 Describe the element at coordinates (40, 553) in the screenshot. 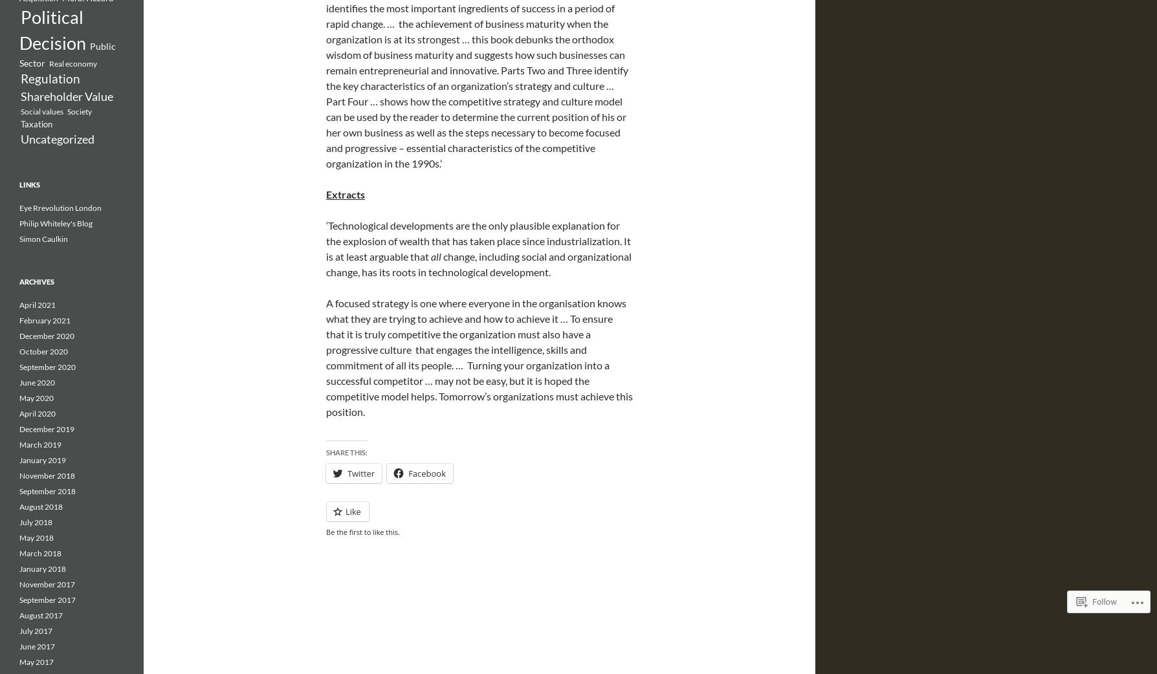

I see `'March 2018'` at that location.